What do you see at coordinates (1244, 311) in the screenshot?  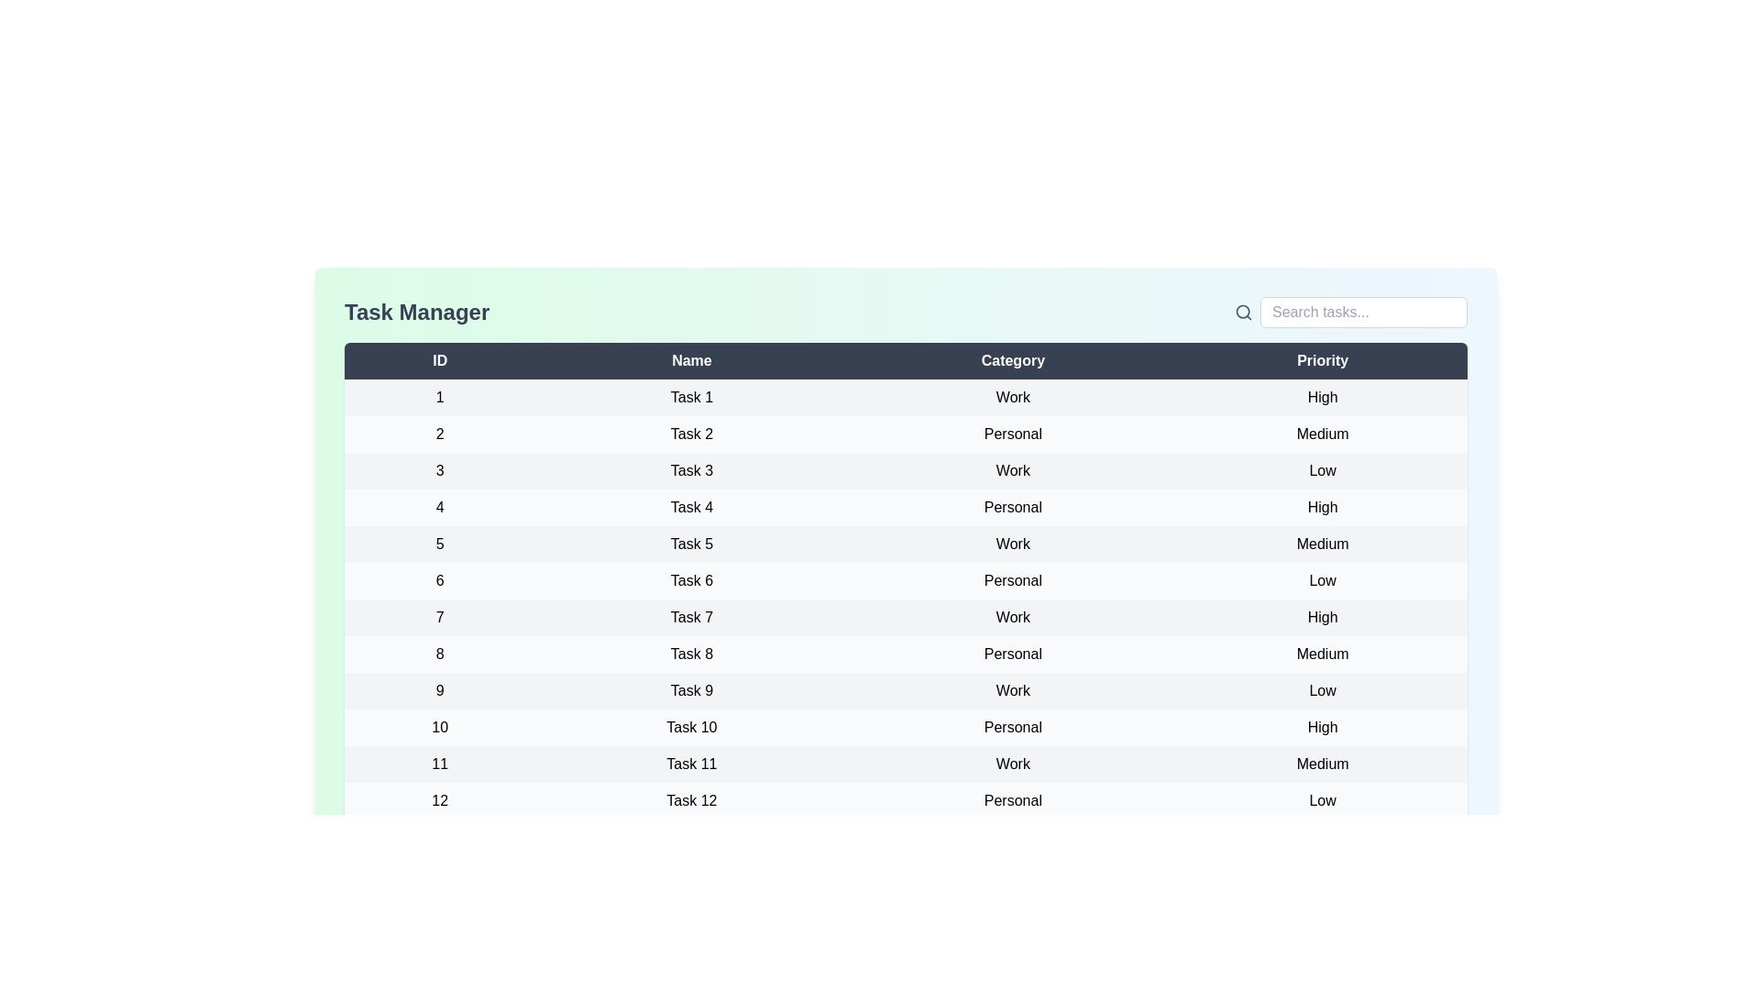 I see `the search icon to focus on the search input` at bounding box center [1244, 311].